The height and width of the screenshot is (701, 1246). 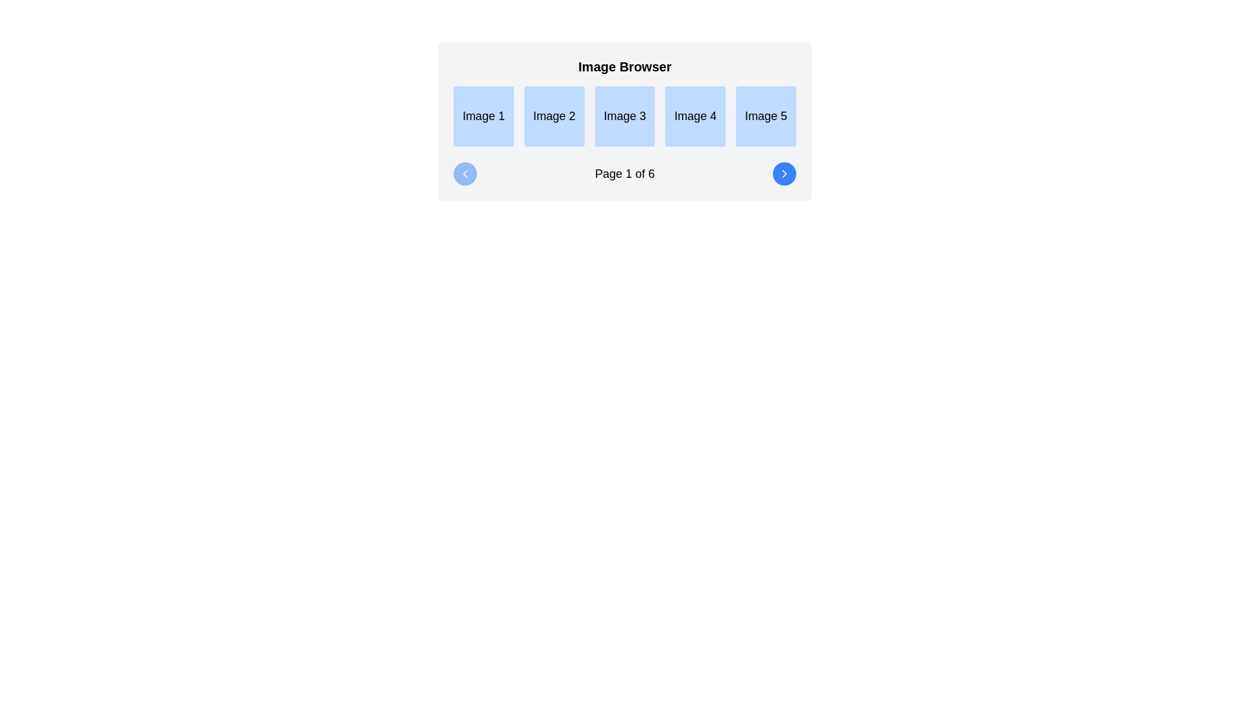 What do you see at coordinates (554, 116) in the screenshot?
I see `the second static visual tile labeled 'Image 2', which is positioned between 'Image 1' and 'Image 3'` at bounding box center [554, 116].